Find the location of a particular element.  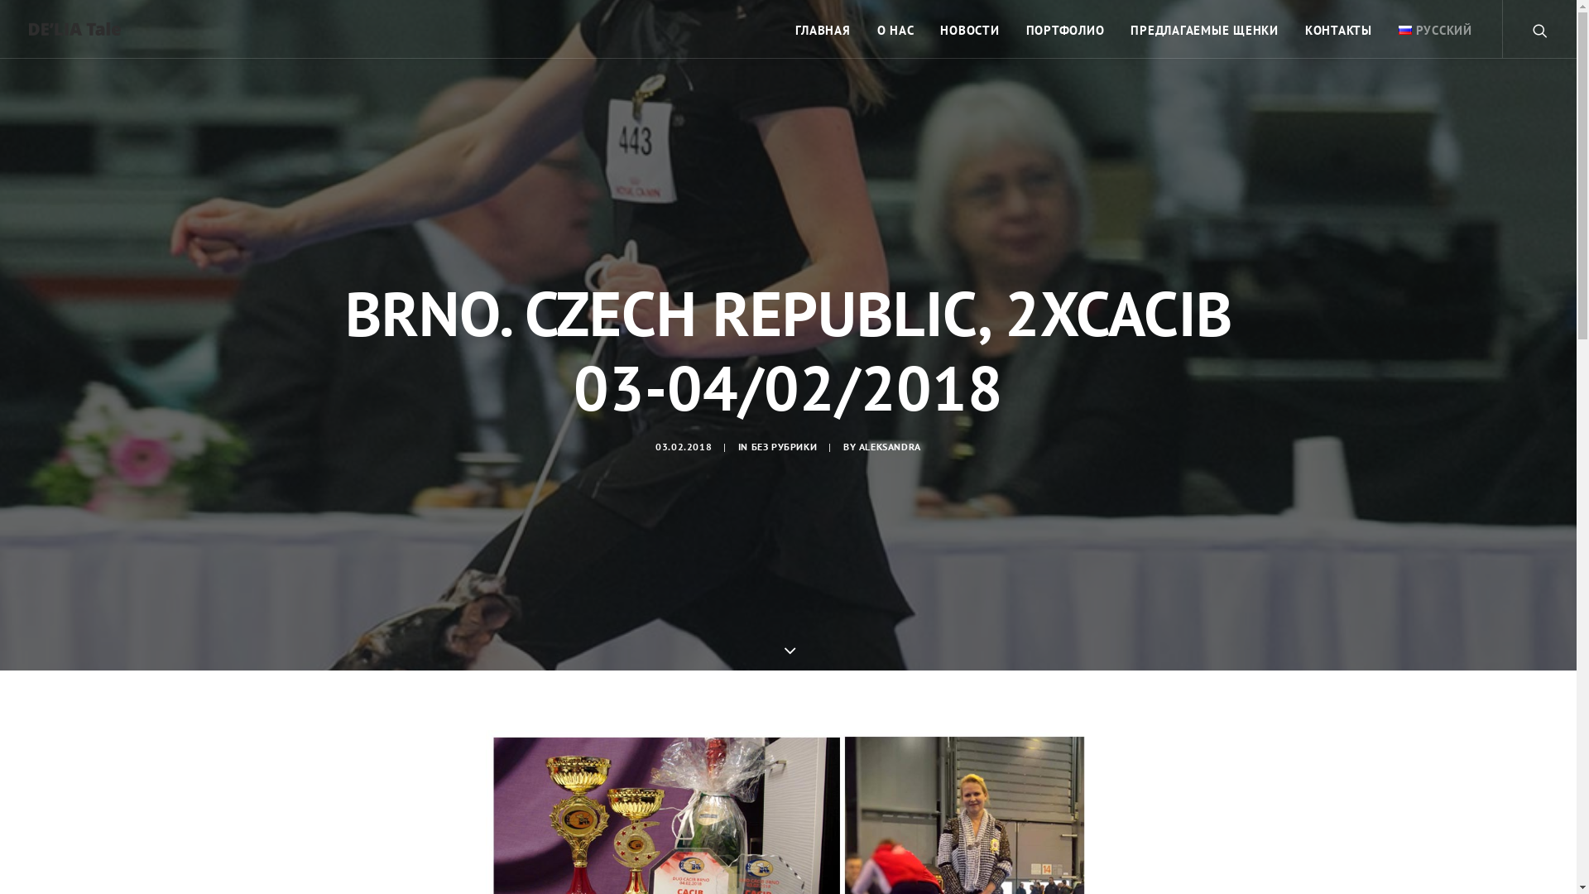

'ALEKSANDRA' is located at coordinates (858, 445).